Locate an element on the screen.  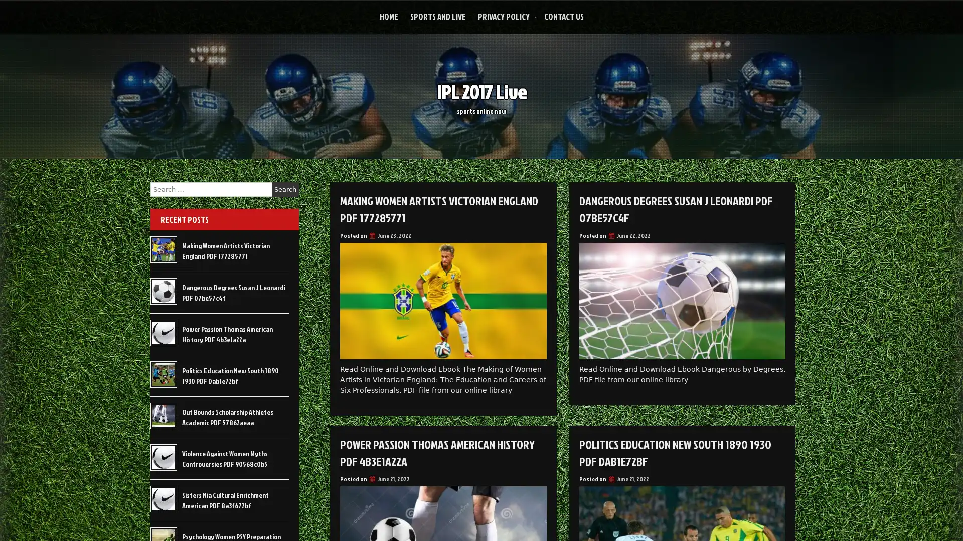
Search is located at coordinates (285, 189).